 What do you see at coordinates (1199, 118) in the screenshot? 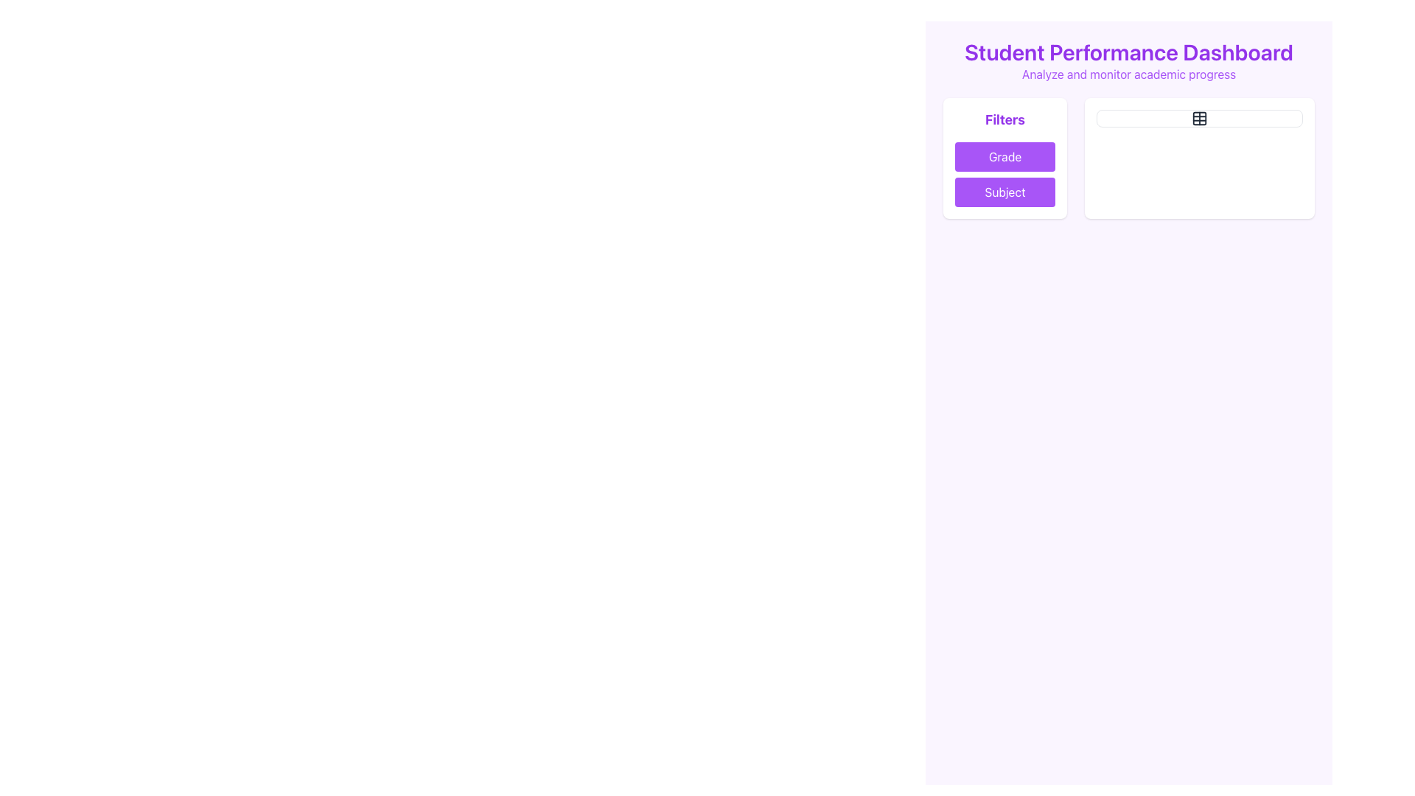
I see `the table/grid layout icon (SVG) located at the top center of the right-hand card in the interface` at bounding box center [1199, 118].